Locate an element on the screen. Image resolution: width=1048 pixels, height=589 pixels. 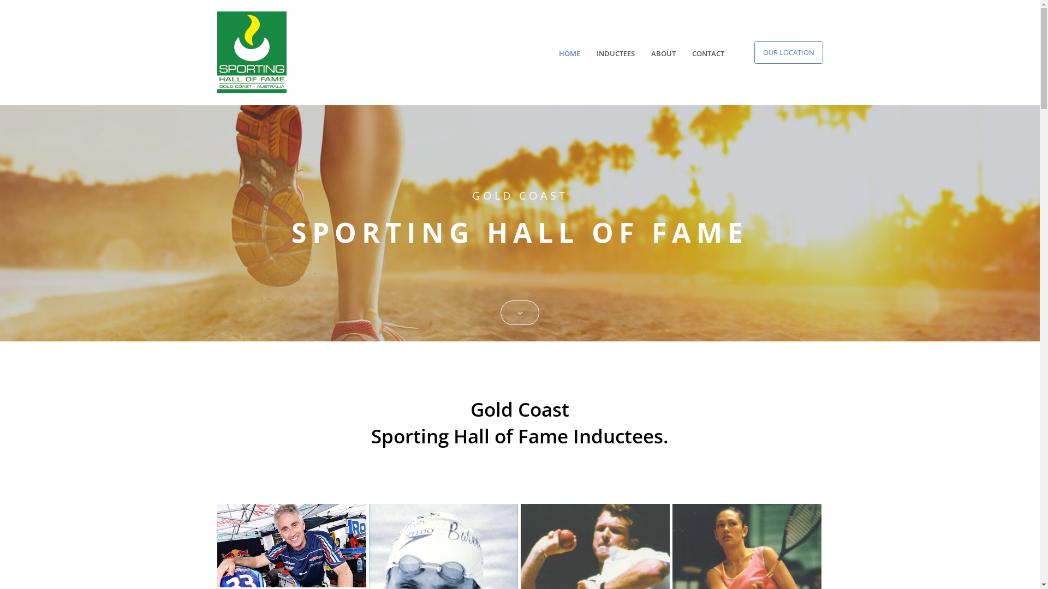
'INDUCTEES' is located at coordinates (616, 53).